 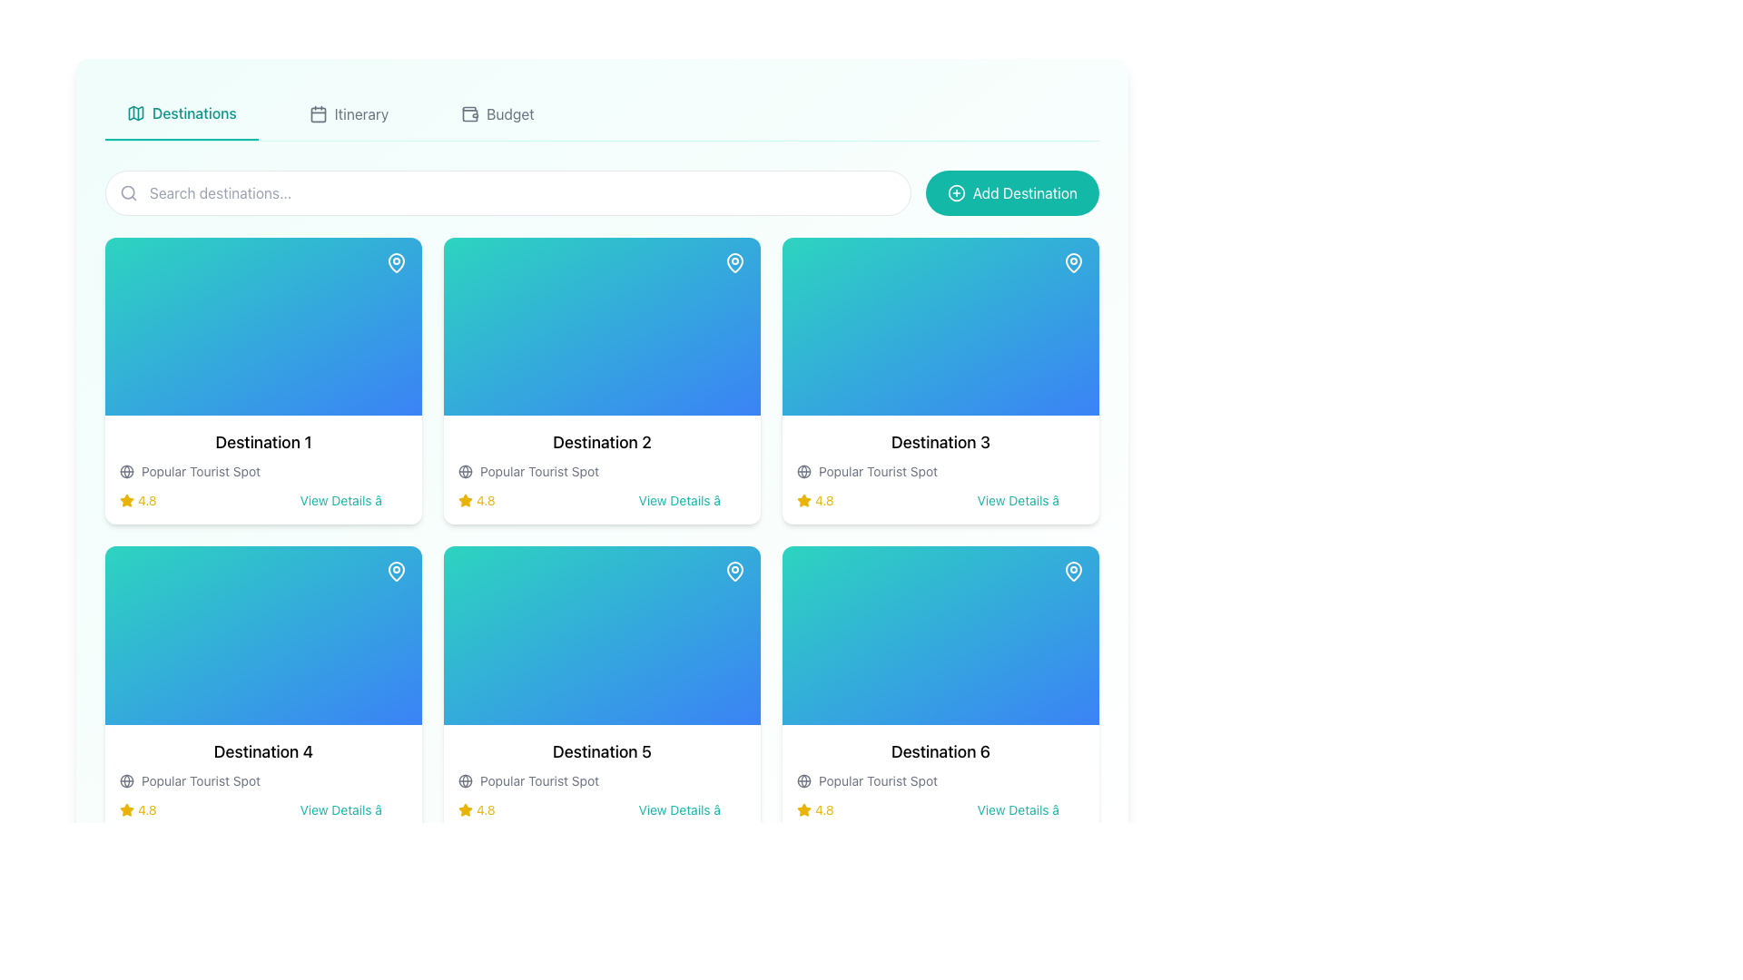 What do you see at coordinates (940, 808) in the screenshot?
I see `the rating display and 'View Details' link at the bottom of the 'Destination 6' card, which features a yellow rating of 4.8 and a teal hyperlink` at bounding box center [940, 808].